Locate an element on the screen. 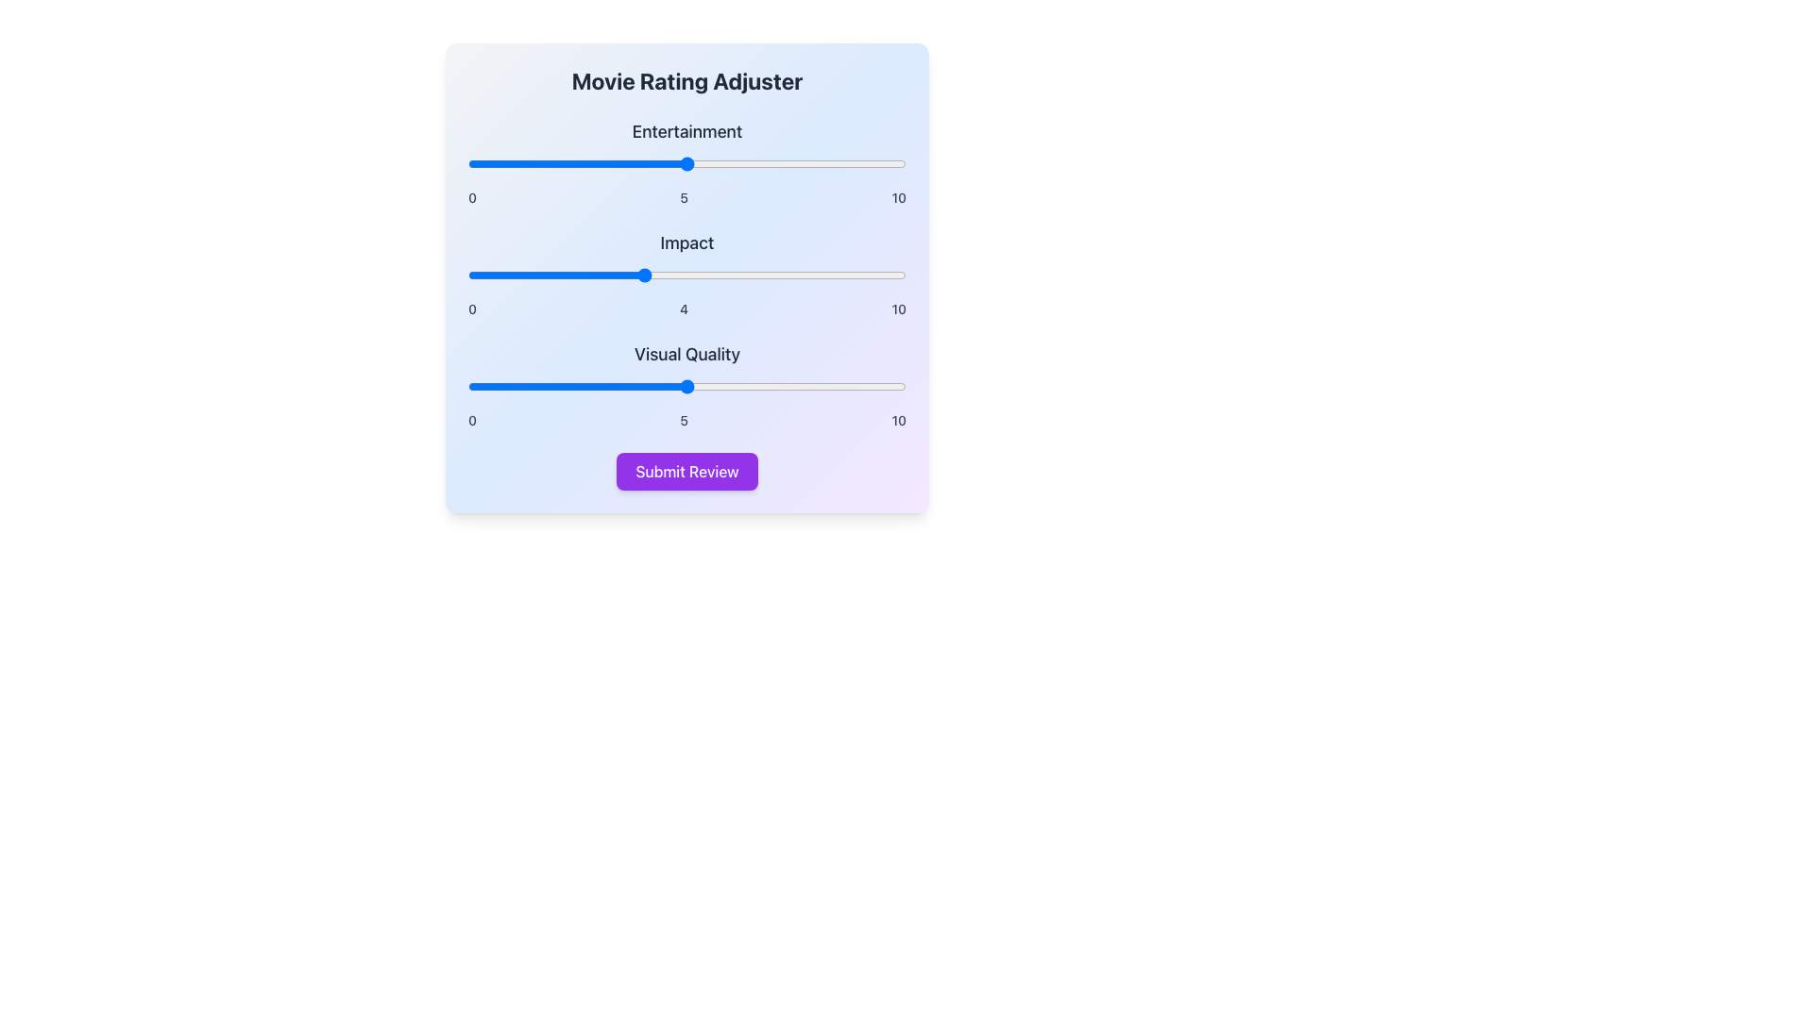  the slider is located at coordinates (554, 385).